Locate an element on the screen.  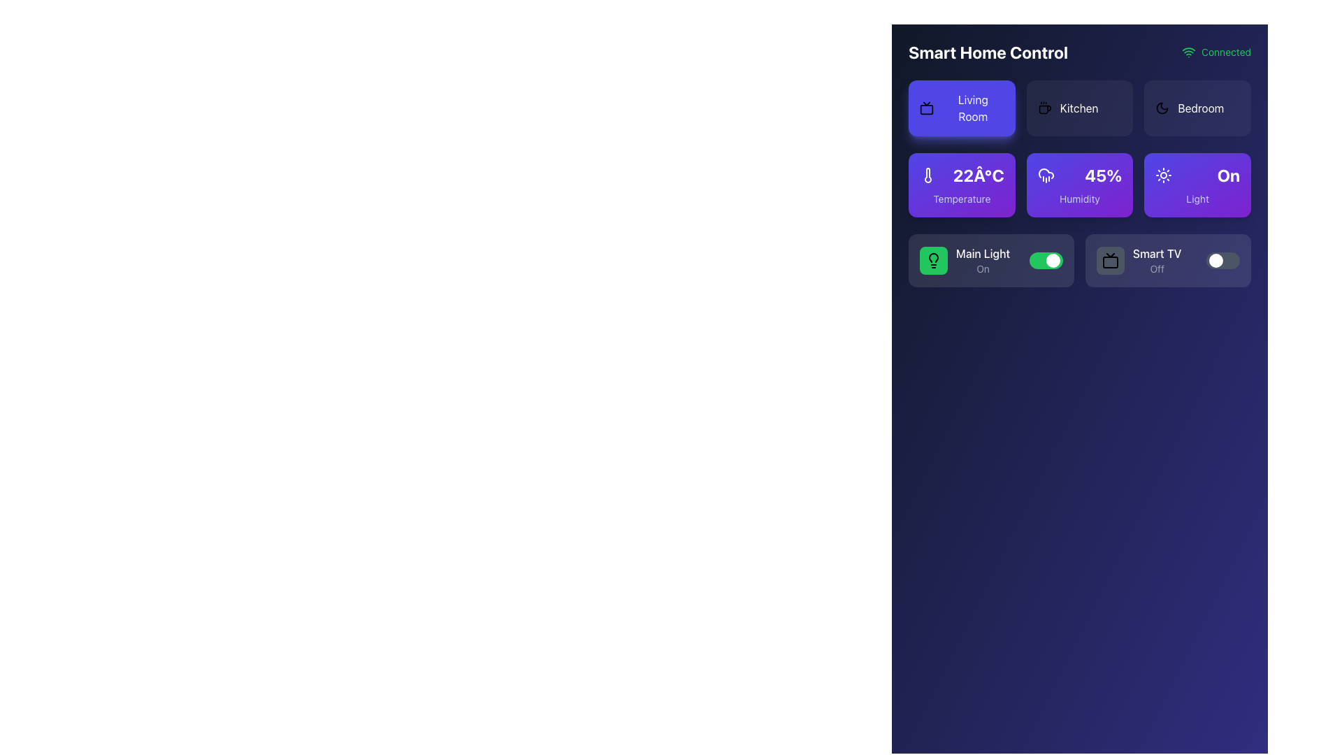
the 'Temperature' text label, which is styled with a small font size and light indigo color, located below the current temperature indicator ('22Â°C') is located at coordinates (961, 199).